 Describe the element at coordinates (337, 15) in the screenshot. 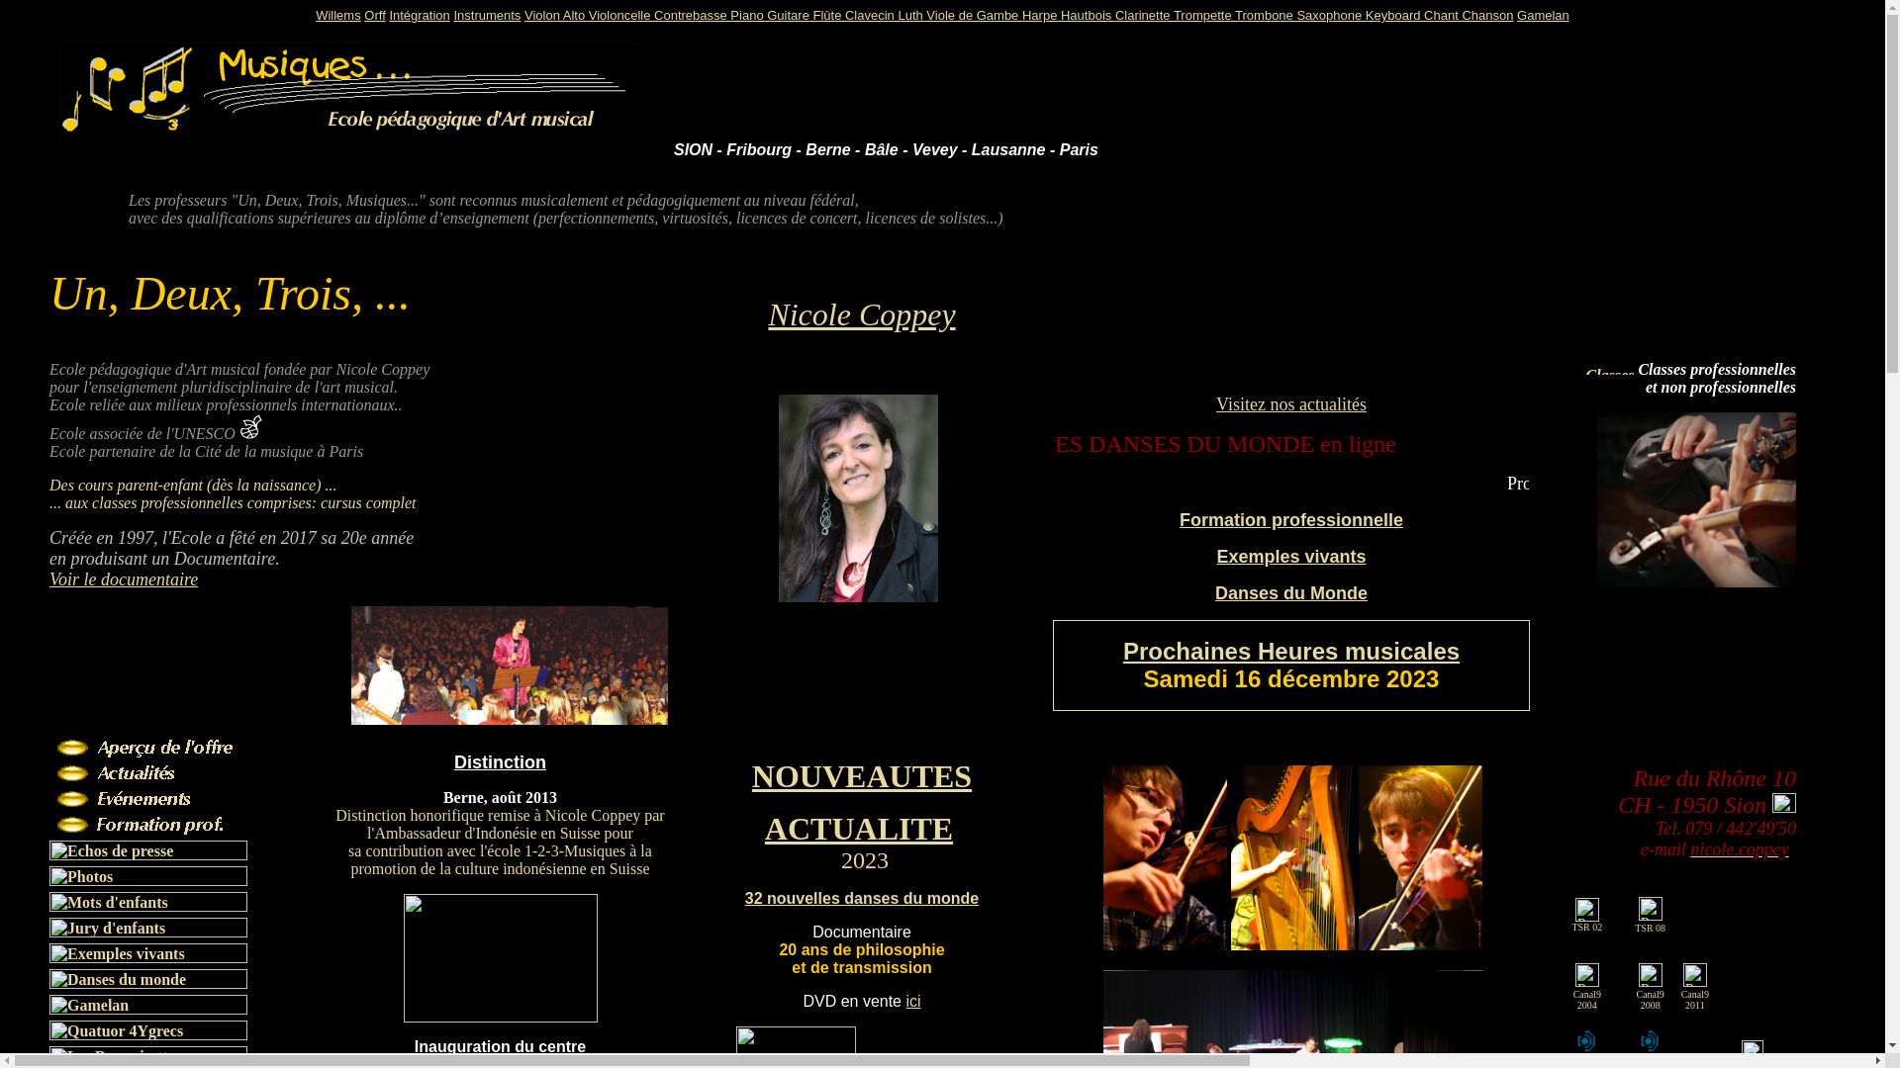

I see `'Willems'` at that location.